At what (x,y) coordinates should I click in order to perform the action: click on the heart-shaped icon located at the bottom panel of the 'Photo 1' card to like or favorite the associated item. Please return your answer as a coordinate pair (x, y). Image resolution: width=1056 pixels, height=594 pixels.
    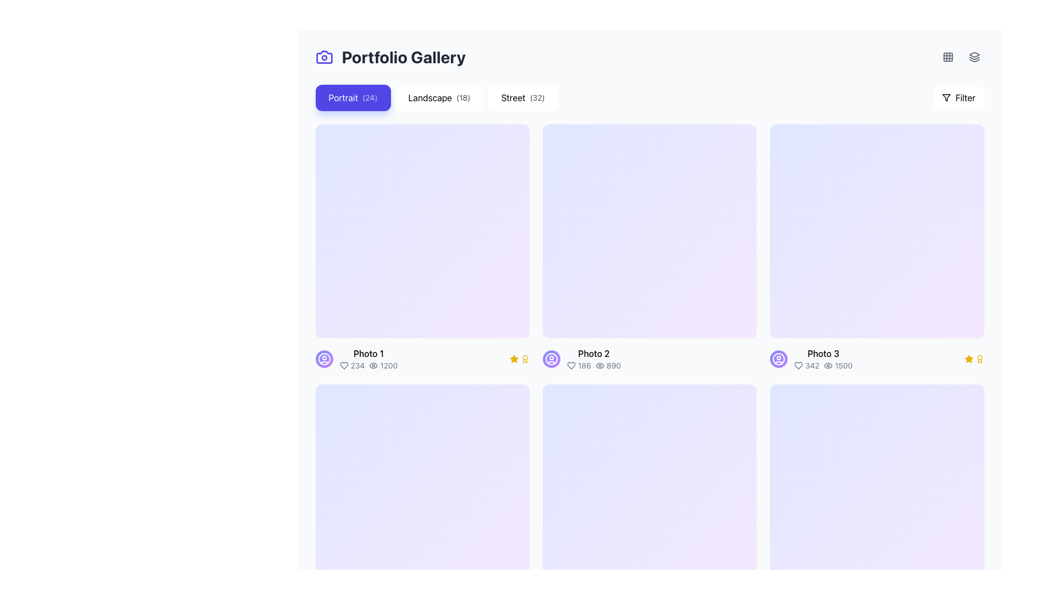
    Looking at the image, I should click on (343, 366).